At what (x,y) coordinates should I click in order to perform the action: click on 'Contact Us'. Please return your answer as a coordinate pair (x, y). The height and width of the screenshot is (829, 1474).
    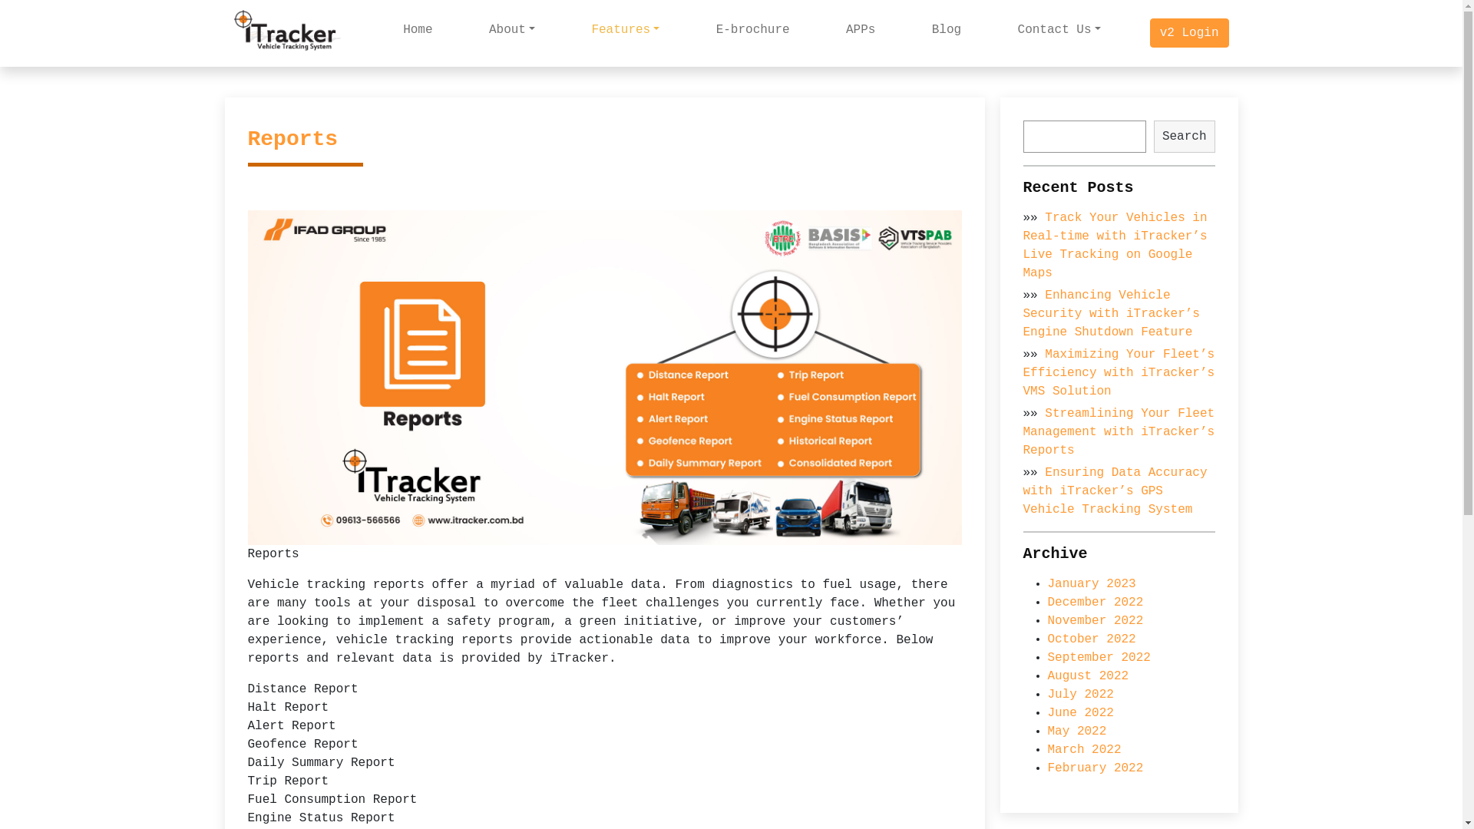
    Looking at the image, I should click on (1059, 29).